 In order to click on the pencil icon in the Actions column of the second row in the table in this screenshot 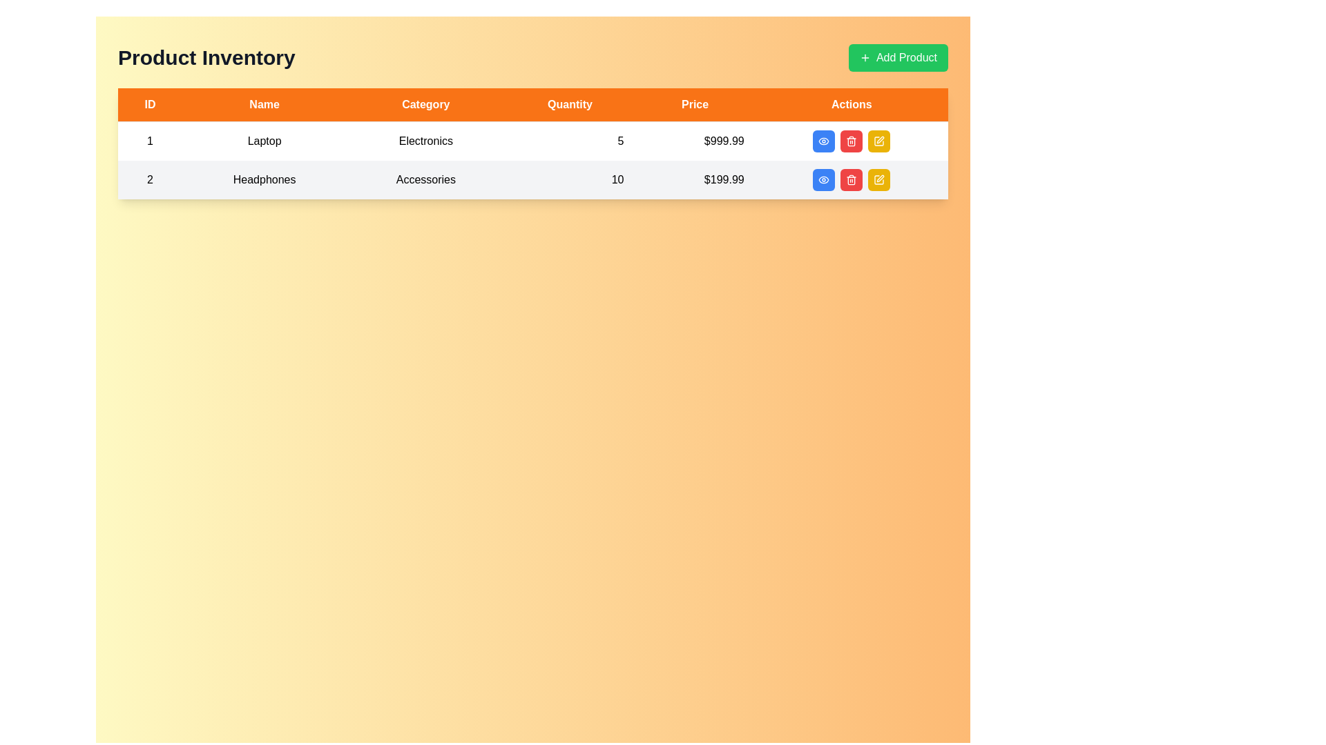, I will do `click(880, 177)`.